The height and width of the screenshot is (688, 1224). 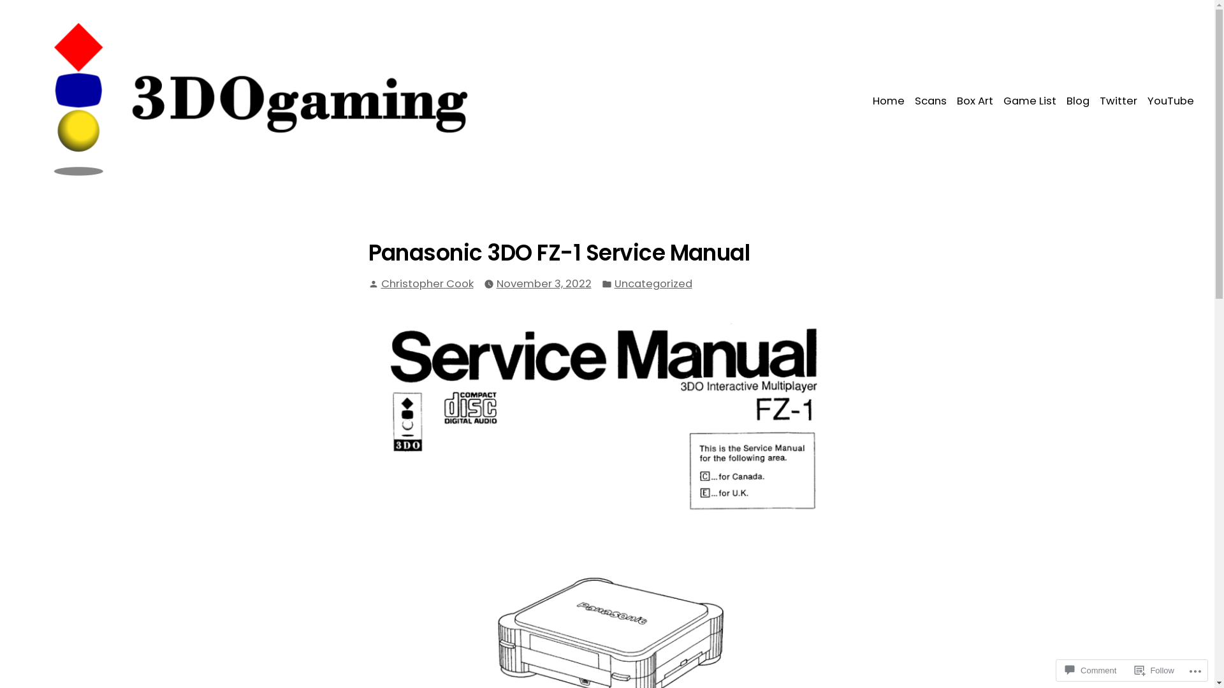 I want to click on 'Christopher Cook', so click(x=427, y=283).